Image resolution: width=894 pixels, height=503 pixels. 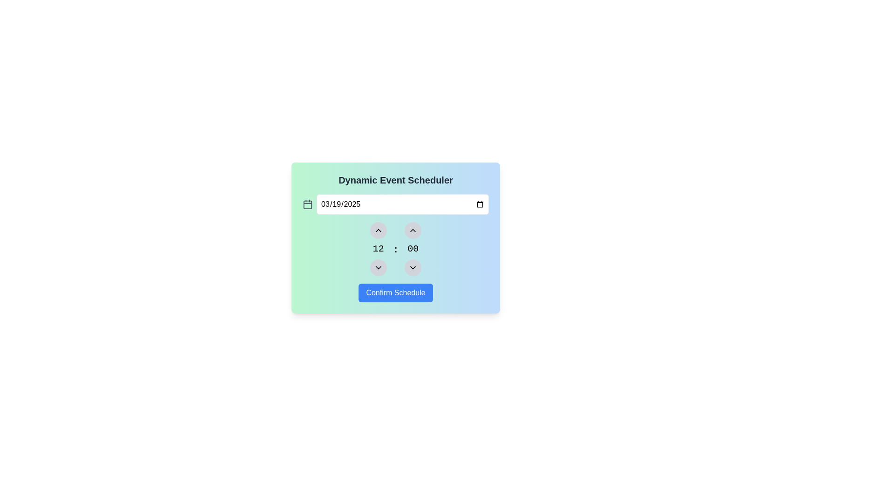 I want to click on a date from the dropdown calendar in the date input field located below the title 'Dynamic Event Scheduler', which has a placeholder showing '03/19/2025', so click(x=395, y=204).